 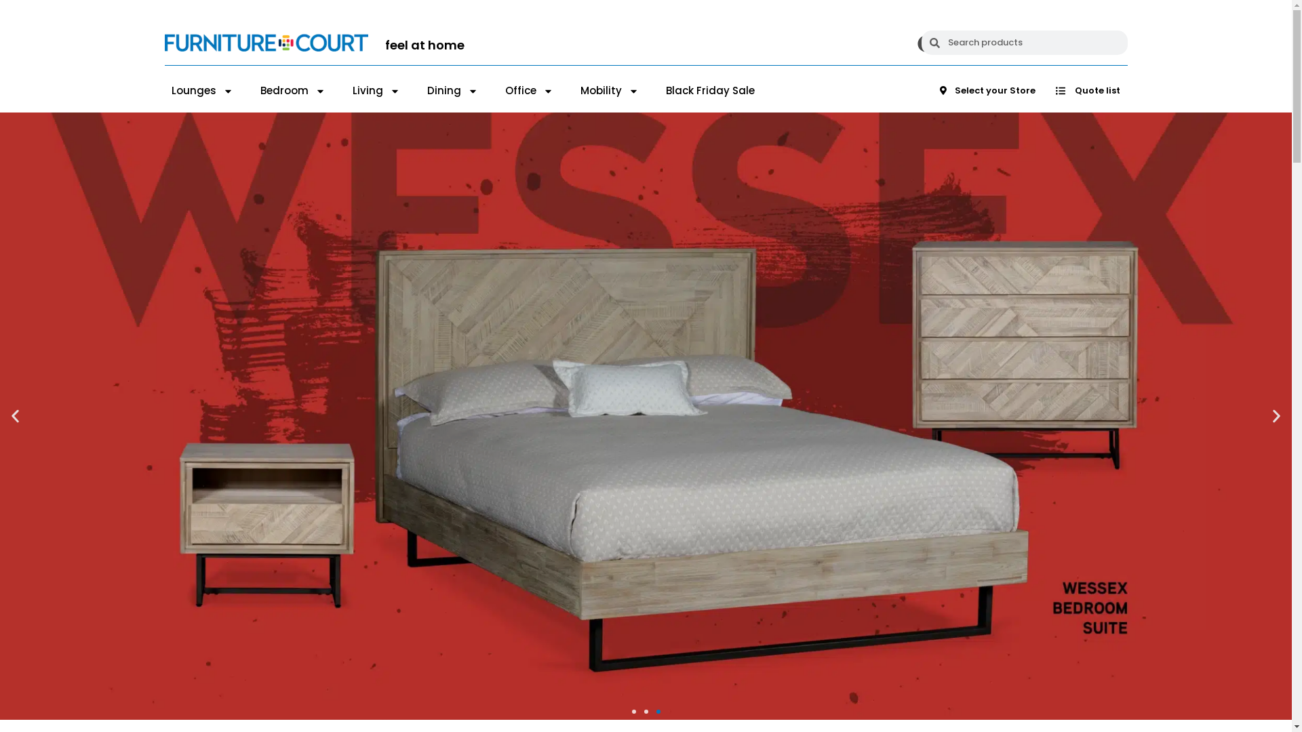 I want to click on 'Lounges', so click(x=201, y=91).